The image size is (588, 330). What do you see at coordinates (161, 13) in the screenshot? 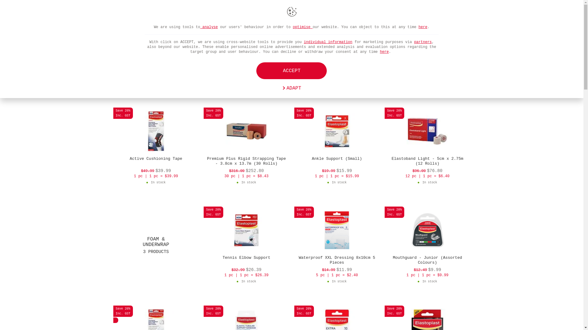
I see `'PRODUCTS'` at bounding box center [161, 13].